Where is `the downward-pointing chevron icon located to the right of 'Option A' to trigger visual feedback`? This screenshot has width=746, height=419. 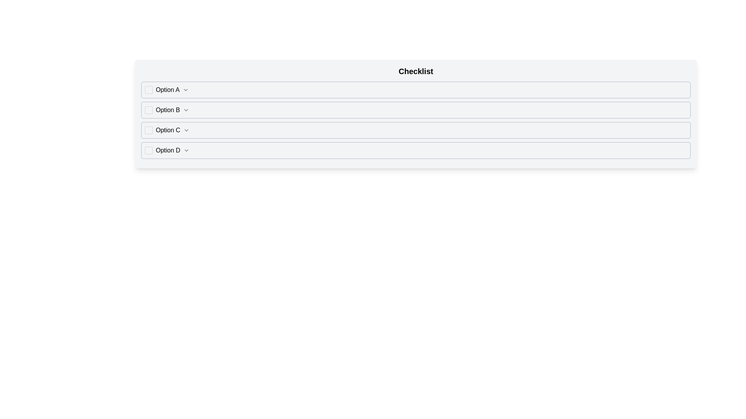 the downward-pointing chevron icon located to the right of 'Option A' to trigger visual feedback is located at coordinates (185, 89).